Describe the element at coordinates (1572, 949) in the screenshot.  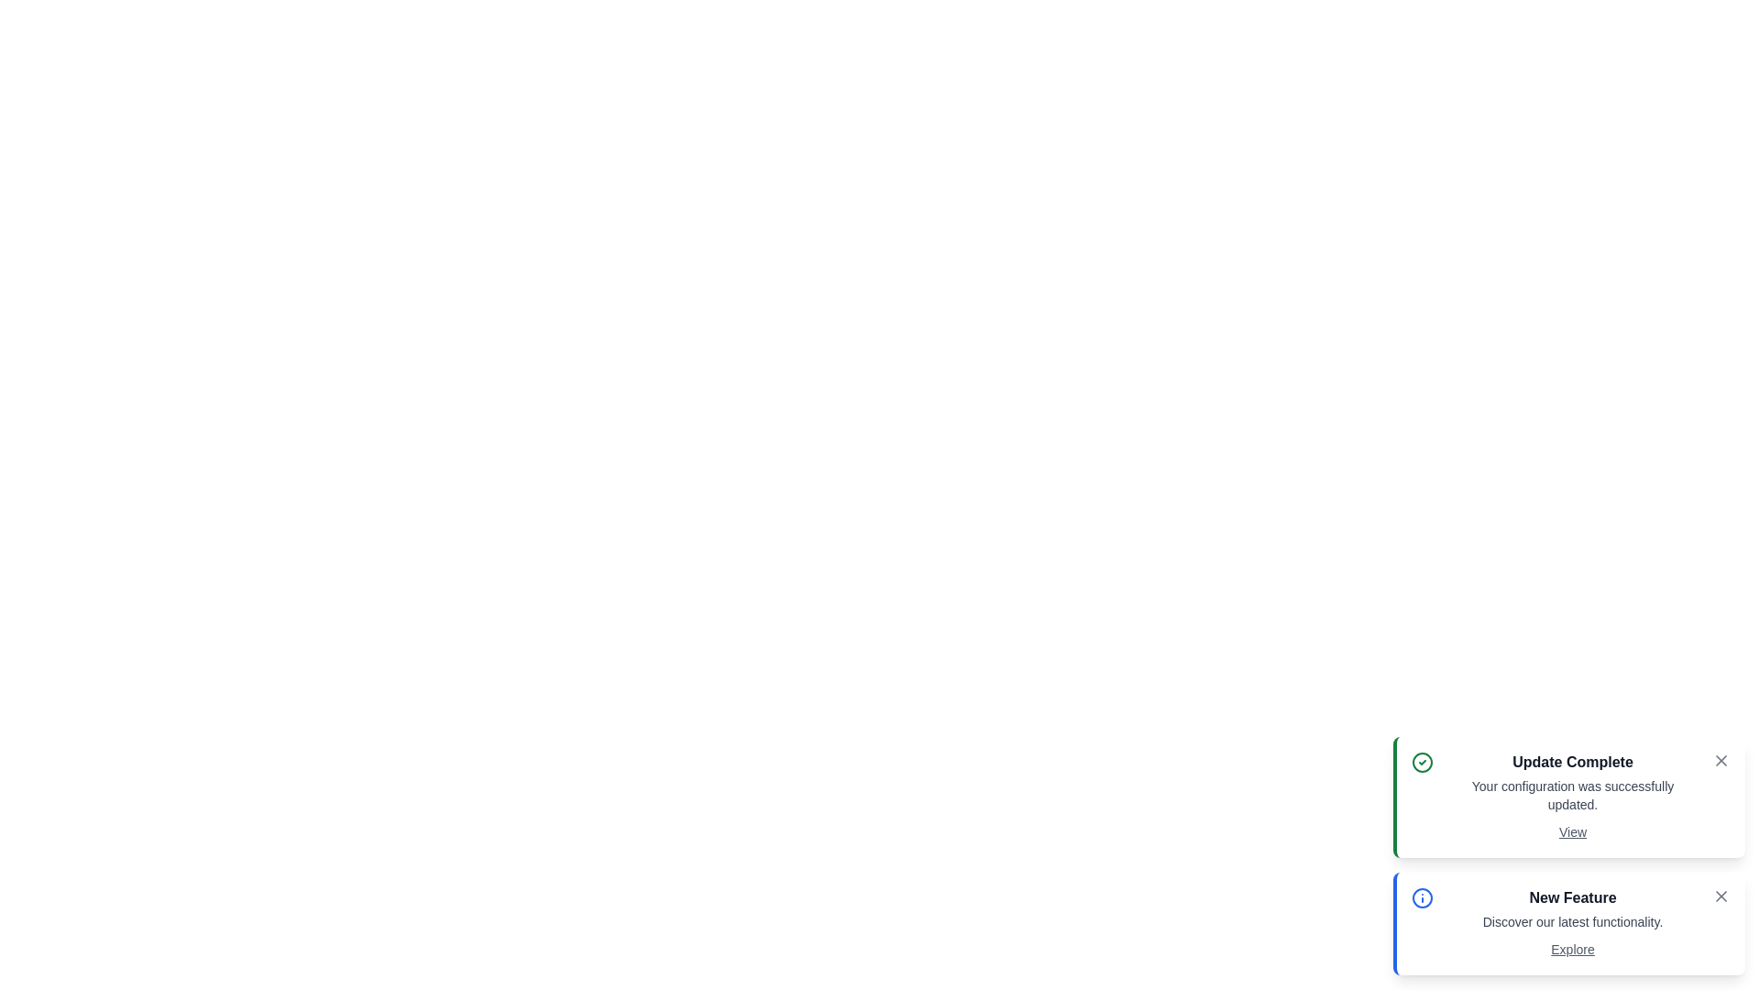
I see `the action link Explore in the notification bar` at that location.